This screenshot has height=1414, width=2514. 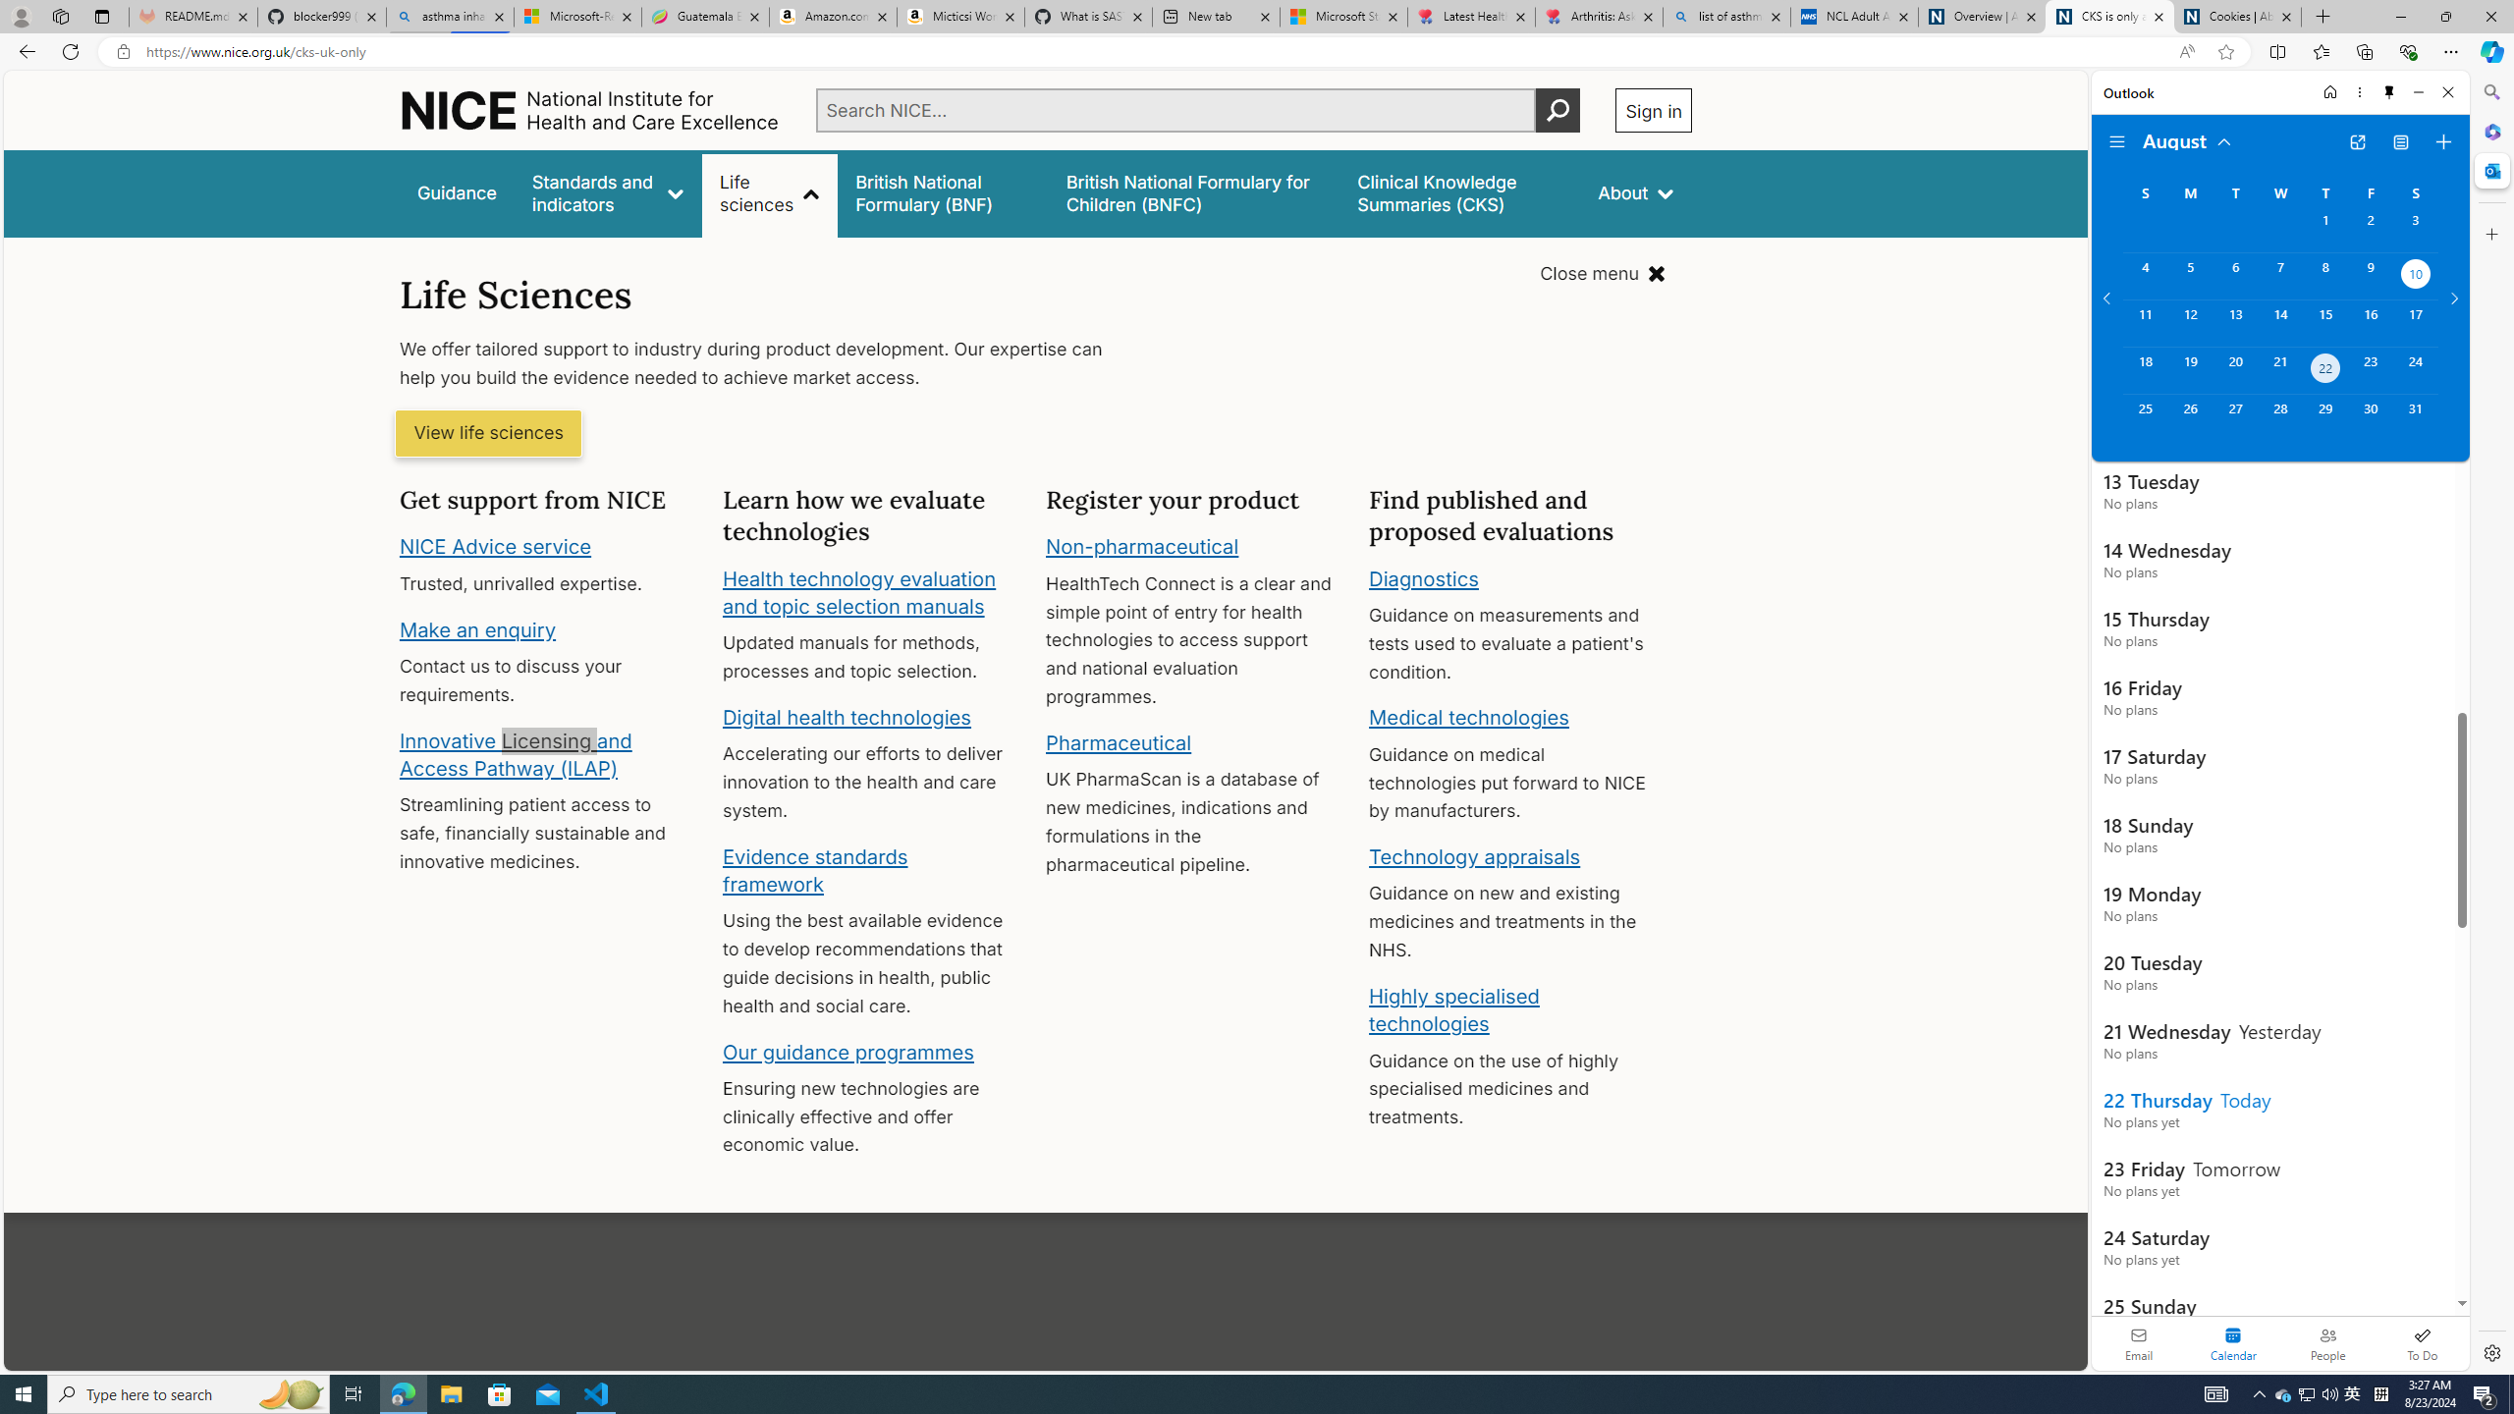 I want to click on 'Diagnostics', so click(x=1424, y=576).